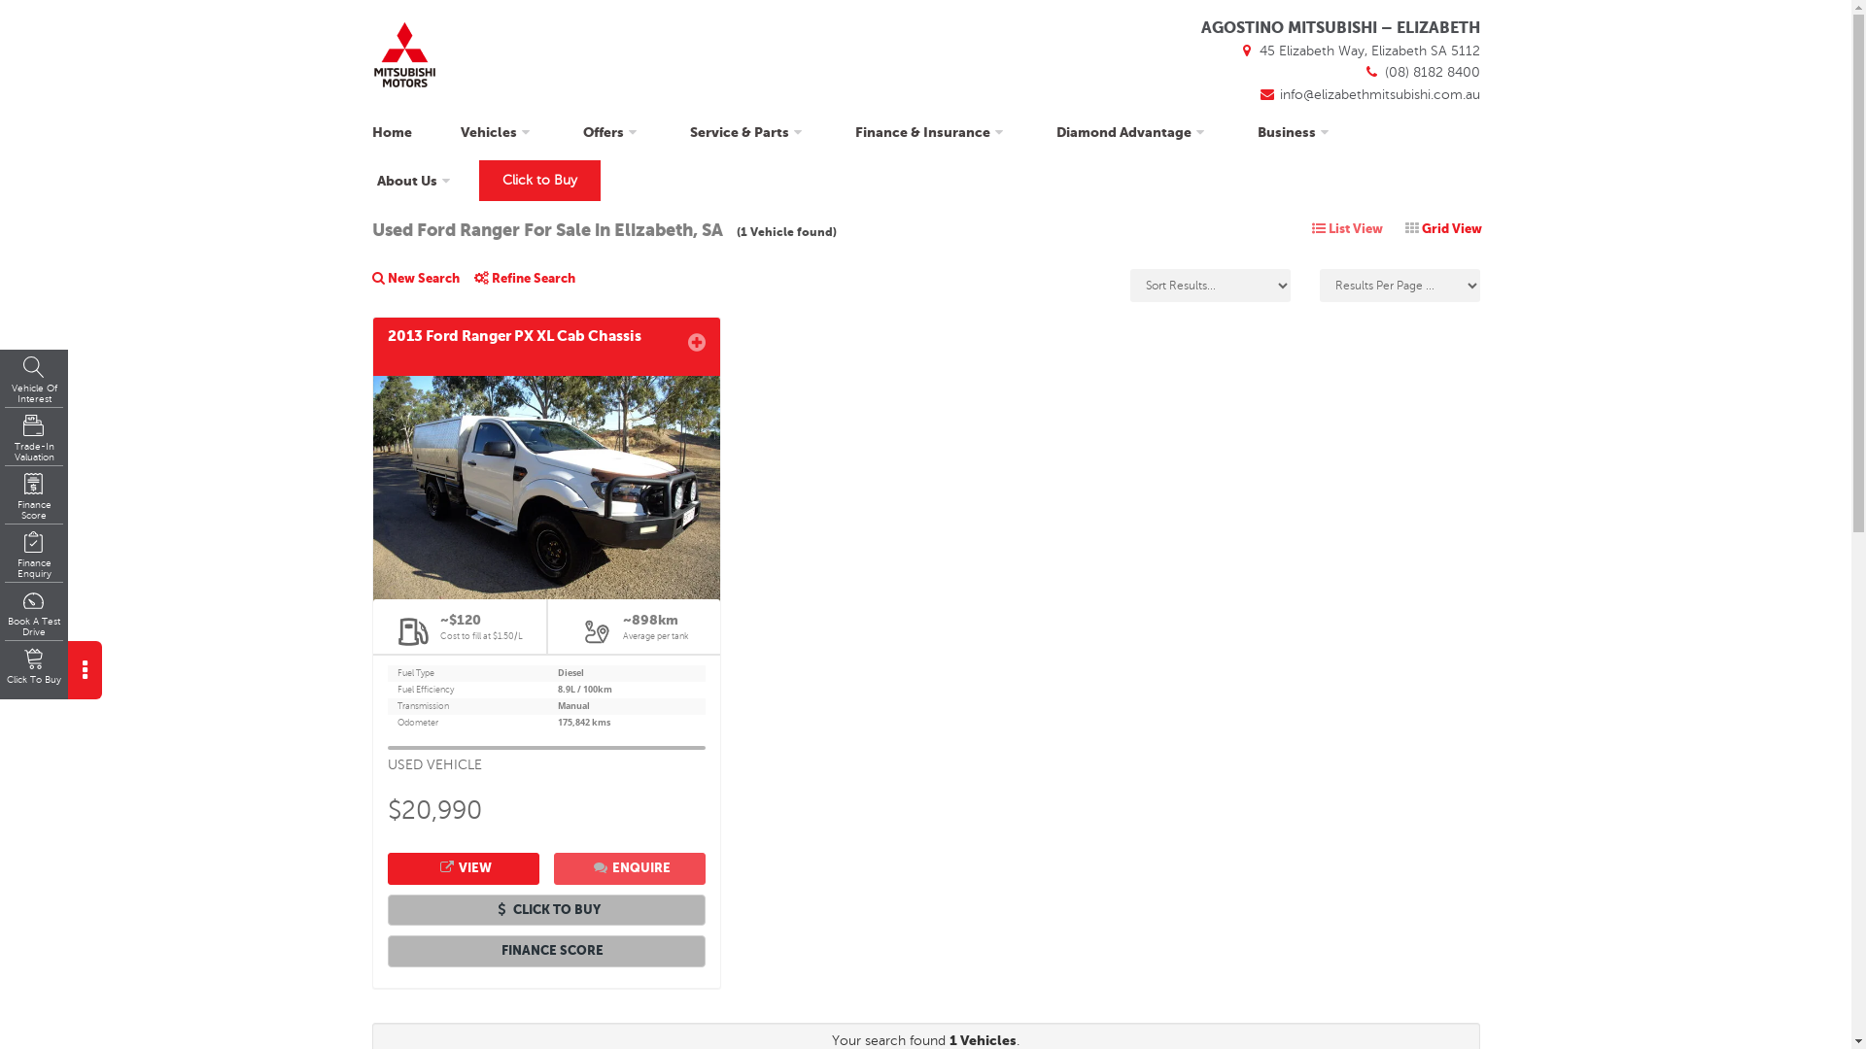 This screenshot has width=1866, height=1049. What do you see at coordinates (1358, 49) in the screenshot?
I see `'45 Elizabeth Way, Elizabeth SA 5112'` at bounding box center [1358, 49].